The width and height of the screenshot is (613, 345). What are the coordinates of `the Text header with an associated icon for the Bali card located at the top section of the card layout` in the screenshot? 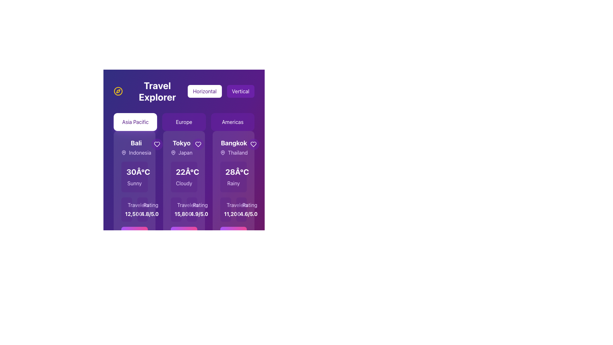 It's located at (134, 148).